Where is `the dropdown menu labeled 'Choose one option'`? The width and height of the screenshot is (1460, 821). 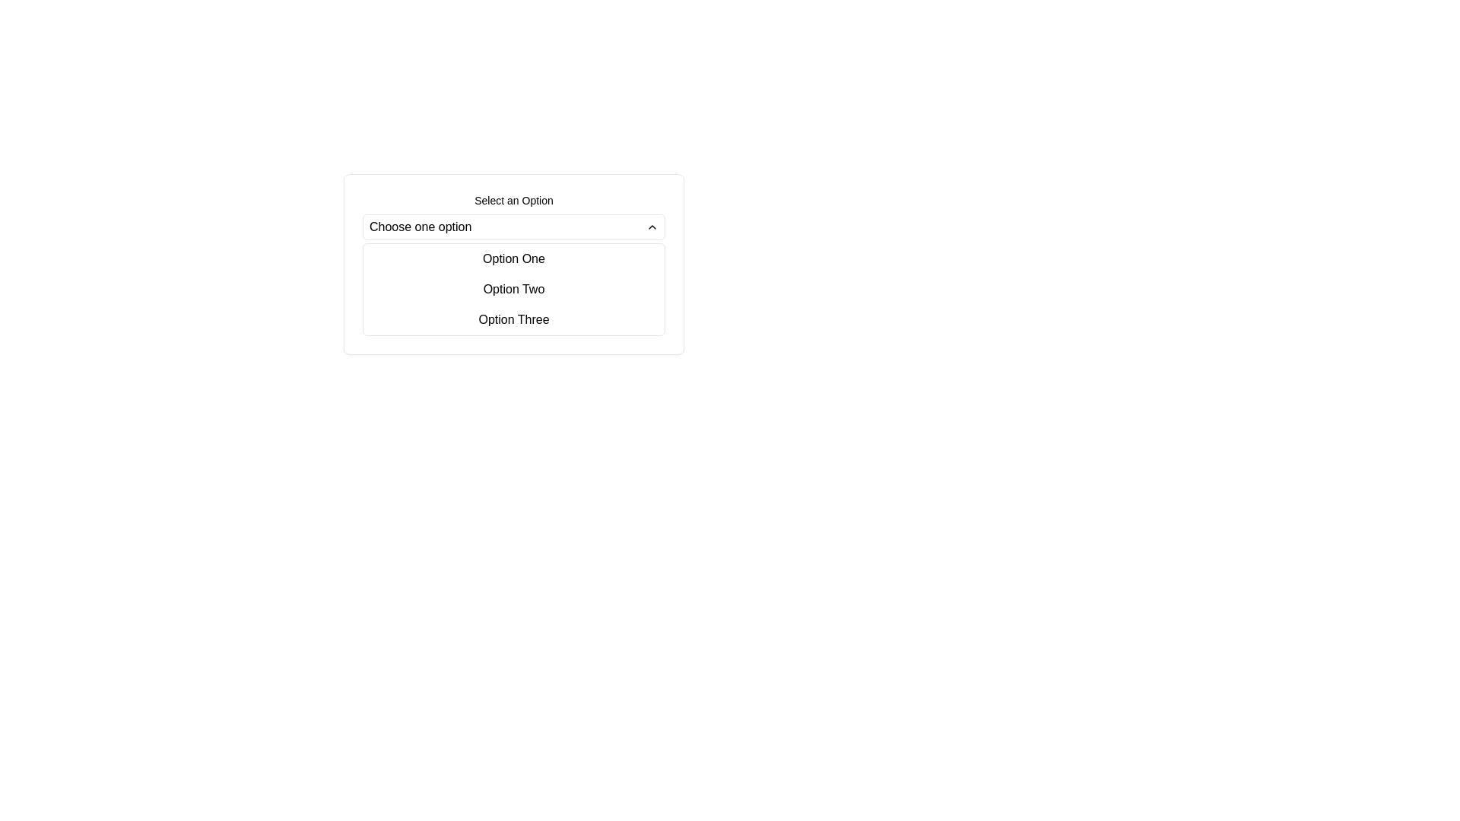 the dropdown menu labeled 'Choose one option' is located at coordinates (514, 227).